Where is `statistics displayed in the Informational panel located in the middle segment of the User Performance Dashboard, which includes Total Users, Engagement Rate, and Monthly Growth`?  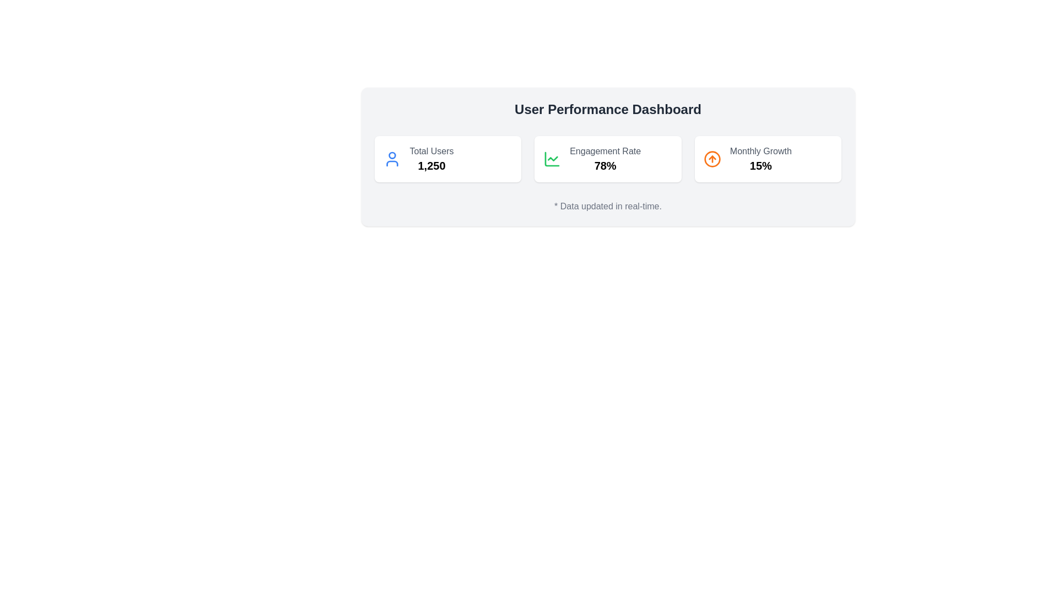
statistics displayed in the Informational panel located in the middle segment of the User Performance Dashboard, which includes Total Users, Engagement Rate, and Monthly Growth is located at coordinates (607, 159).